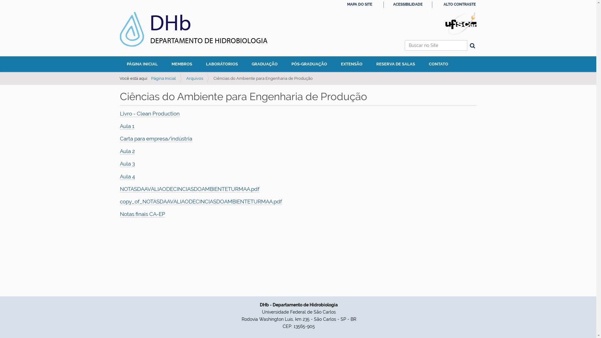 This screenshot has height=338, width=601. I want to click on 'Aula 3', so click(127, 163).